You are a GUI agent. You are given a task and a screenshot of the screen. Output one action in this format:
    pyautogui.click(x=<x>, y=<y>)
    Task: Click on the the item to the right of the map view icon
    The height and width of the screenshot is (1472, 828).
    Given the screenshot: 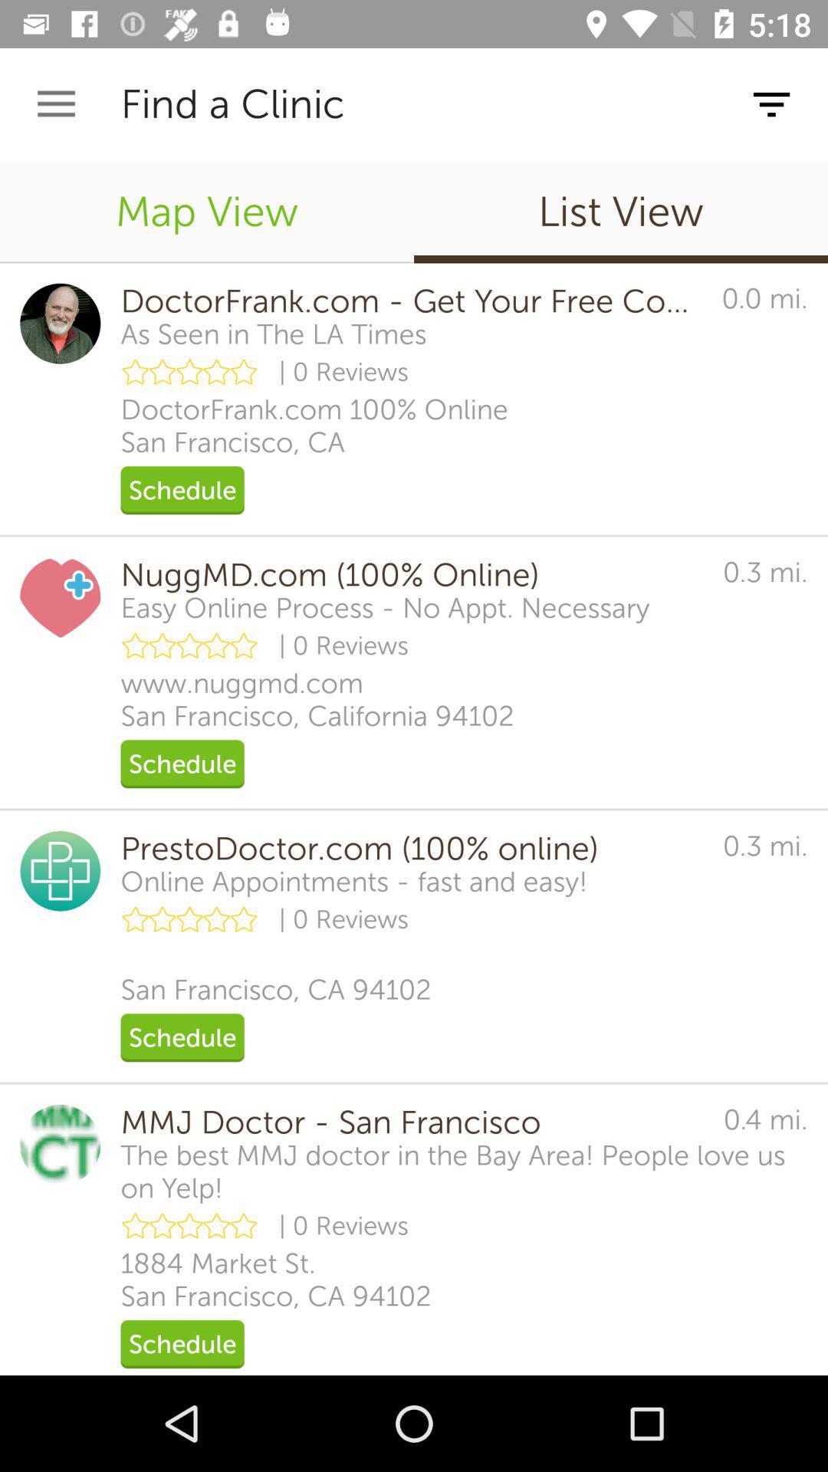 What is the action you would take?
    pyautogui.click(x=621, y=211)
    